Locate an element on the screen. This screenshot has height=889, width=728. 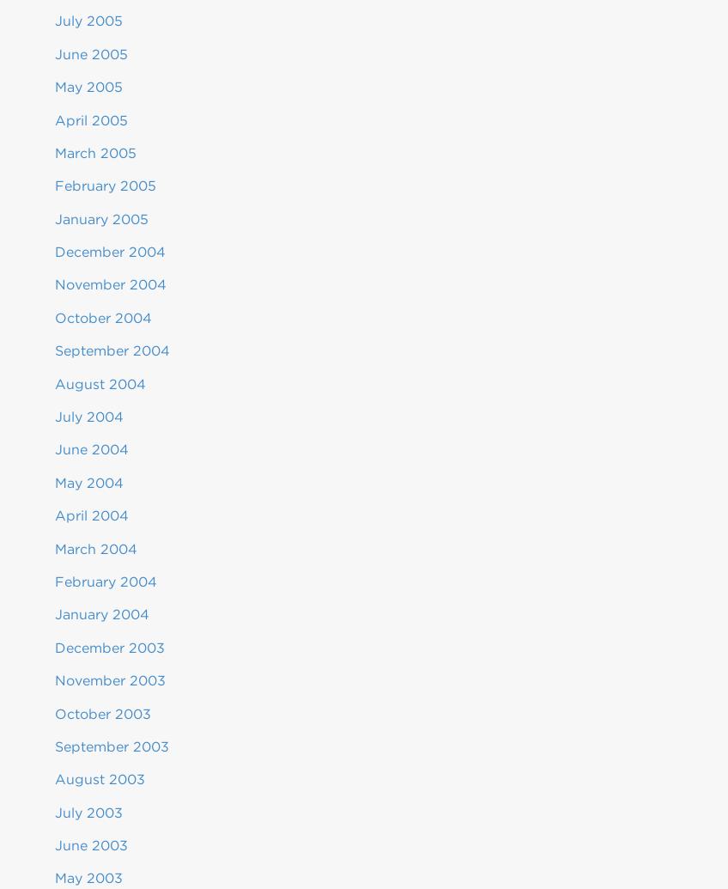
'July 2005' is located at coordinates (88, 21).